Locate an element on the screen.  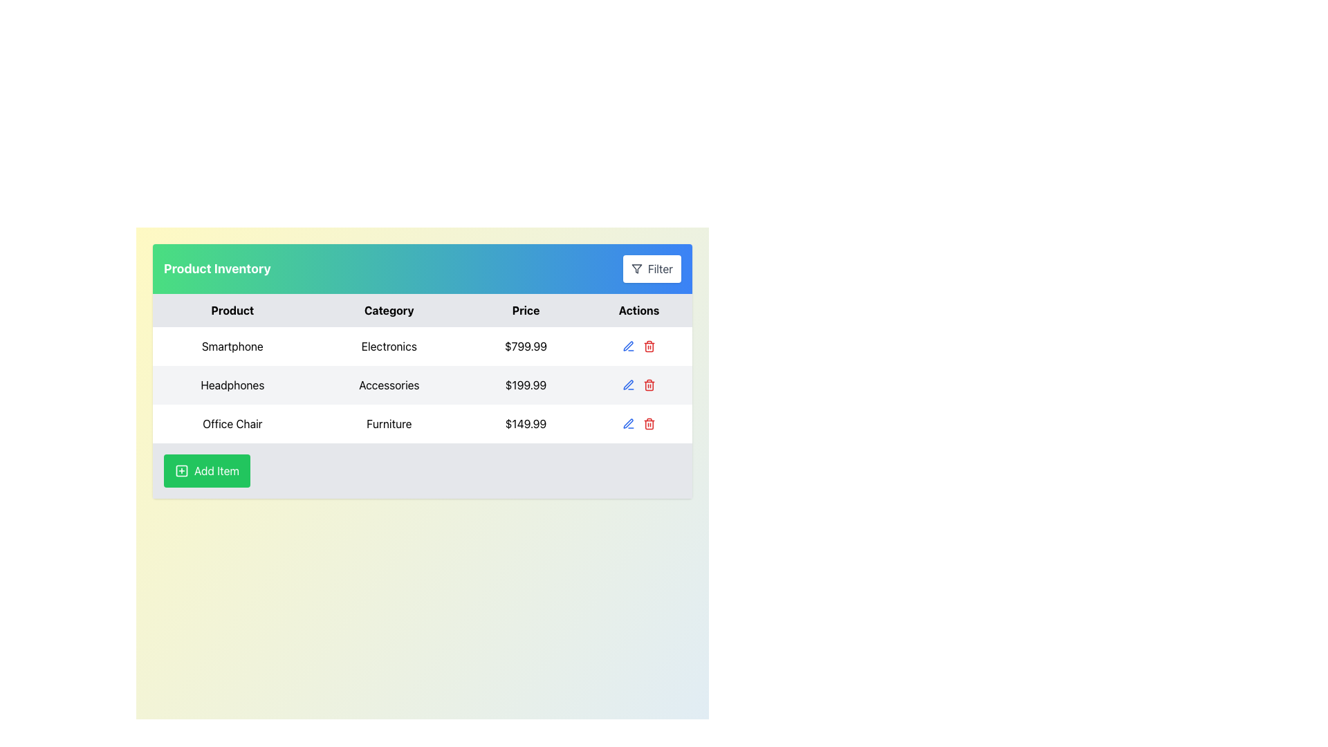
the decorative trash bin icon segment in the 'Actions' column for the 'Office Chair' entry is located at coordinates (649, 347).